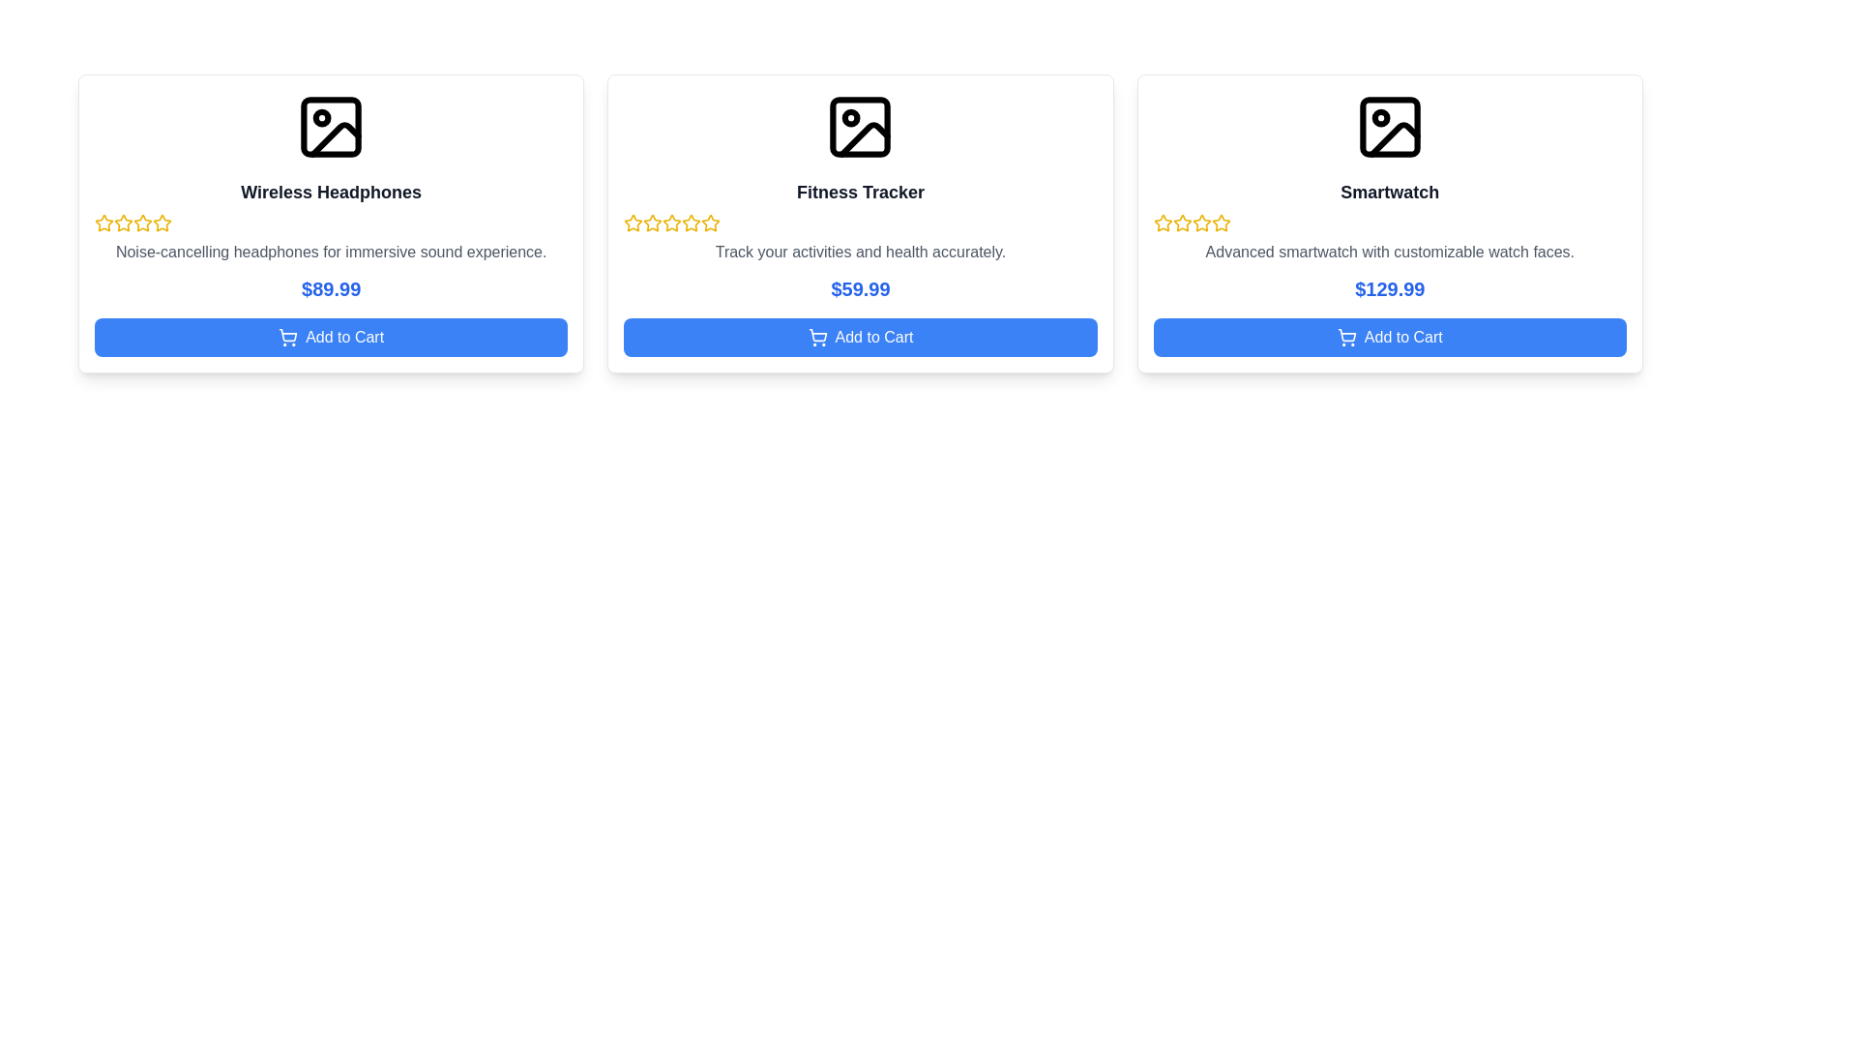 The height and width of the screenshot is (1045, 1857). Describe the element at coordinates (1162, 223) in the screenshot. I see `the second star rating icon in the five-star system for the product 'Smartwatch'` at that location.